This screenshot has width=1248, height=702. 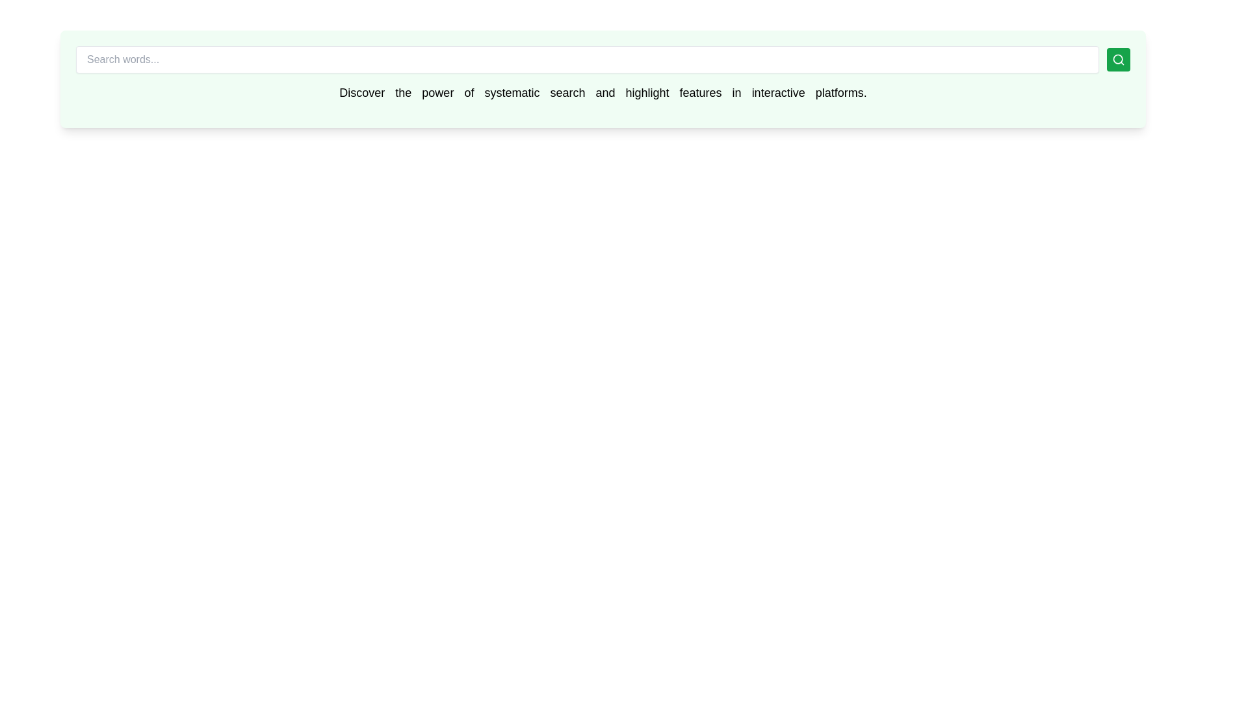 I want to click on the fifth text block in the horizontally aligned sentence, so click(x=511, y=92).